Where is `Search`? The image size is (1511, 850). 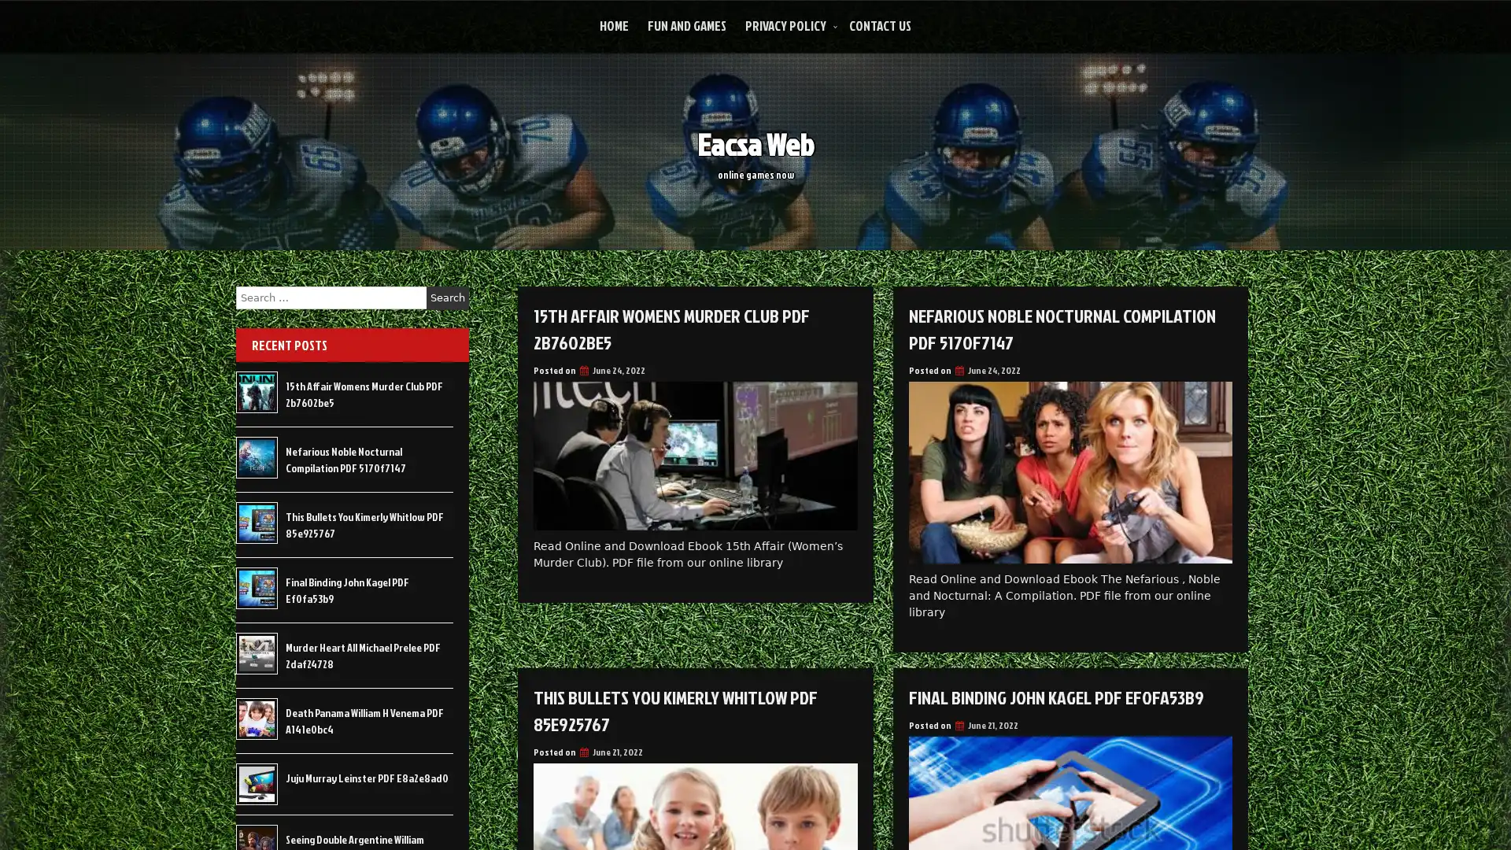 Search is located at coordinates (447, 297).